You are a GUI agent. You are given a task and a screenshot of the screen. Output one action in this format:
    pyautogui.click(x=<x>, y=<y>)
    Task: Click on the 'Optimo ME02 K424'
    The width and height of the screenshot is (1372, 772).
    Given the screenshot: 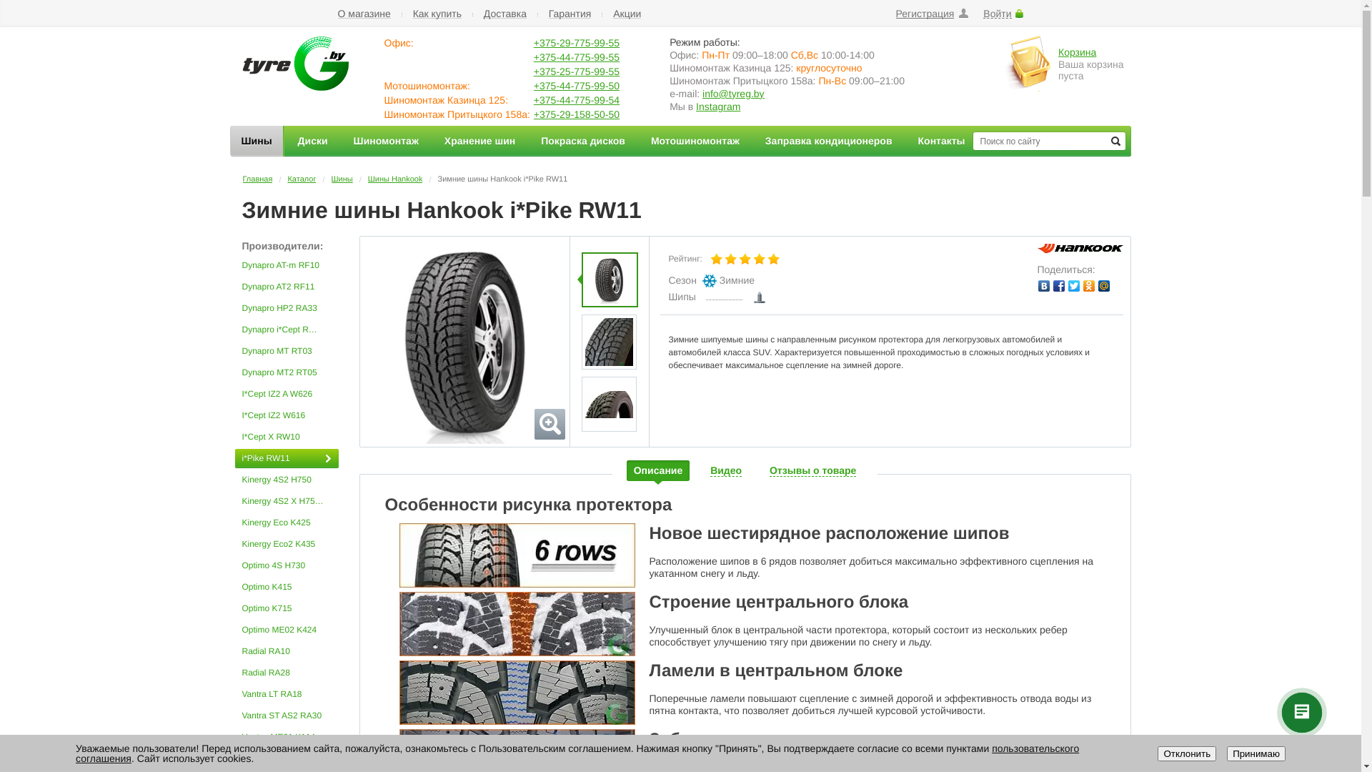 What is the action you would take?
    pyautogui.click(x=286, y=629)
    